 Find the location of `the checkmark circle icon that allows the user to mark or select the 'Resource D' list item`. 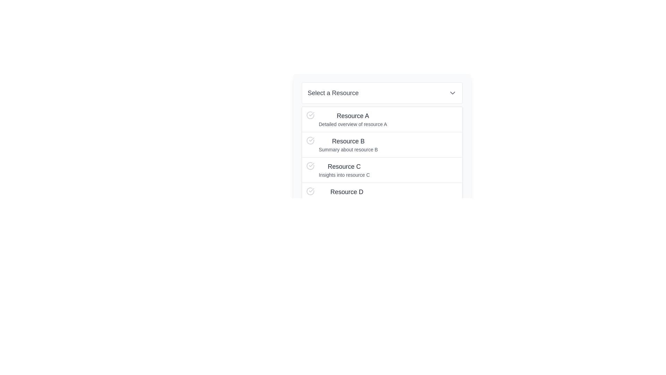

the checkmark circle icon that allows the user to mark or select the 'Resource D' list item is located at coordinates (310, 191).